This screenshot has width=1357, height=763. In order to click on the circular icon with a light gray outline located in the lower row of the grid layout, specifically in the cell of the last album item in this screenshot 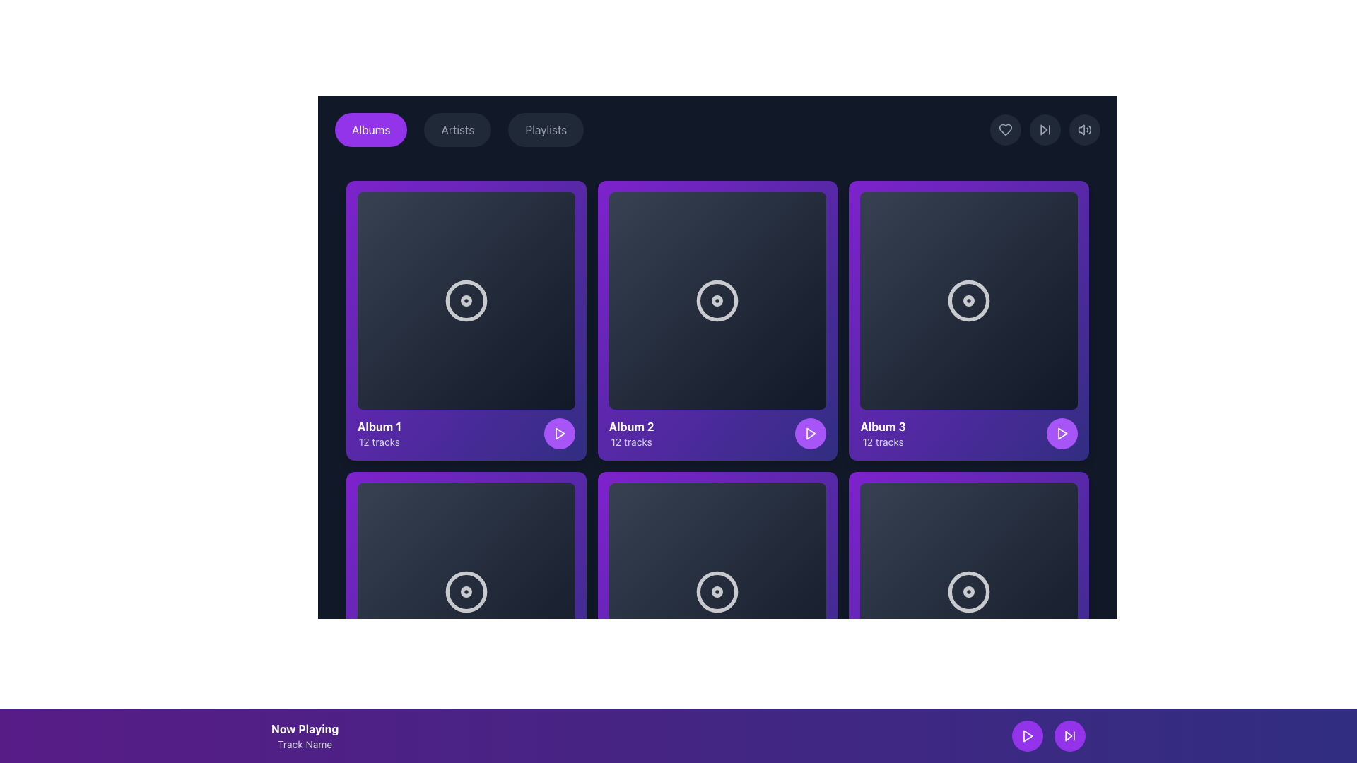, I will do `click(466, 591)`.